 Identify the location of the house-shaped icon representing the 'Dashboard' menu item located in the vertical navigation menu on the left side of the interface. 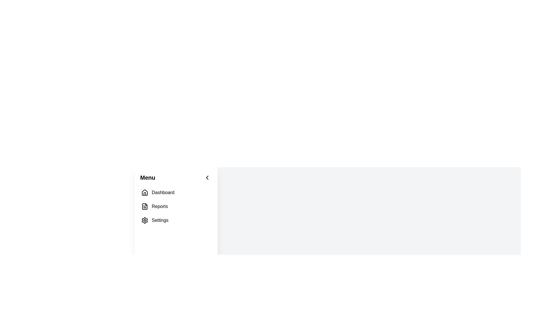
(145, 193).